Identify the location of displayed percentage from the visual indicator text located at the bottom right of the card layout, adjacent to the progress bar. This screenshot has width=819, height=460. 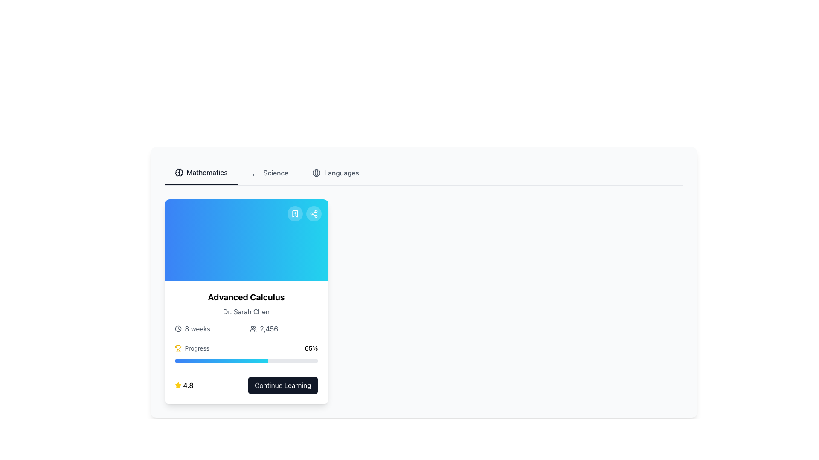
(311, 348).